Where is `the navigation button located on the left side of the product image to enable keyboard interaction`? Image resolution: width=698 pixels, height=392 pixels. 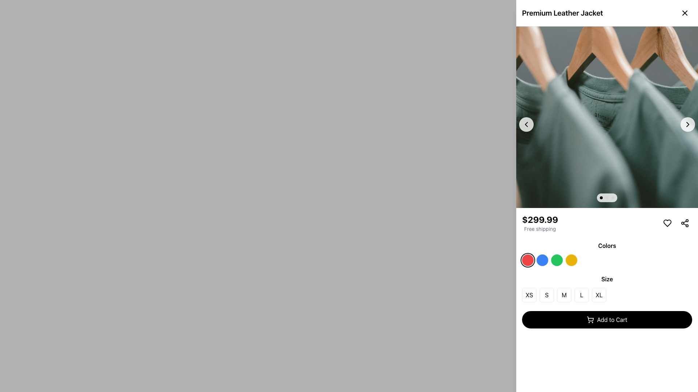 the navigation button located on the left side of the product image to enable keyboard interaction is located at coordinates (526, 124).